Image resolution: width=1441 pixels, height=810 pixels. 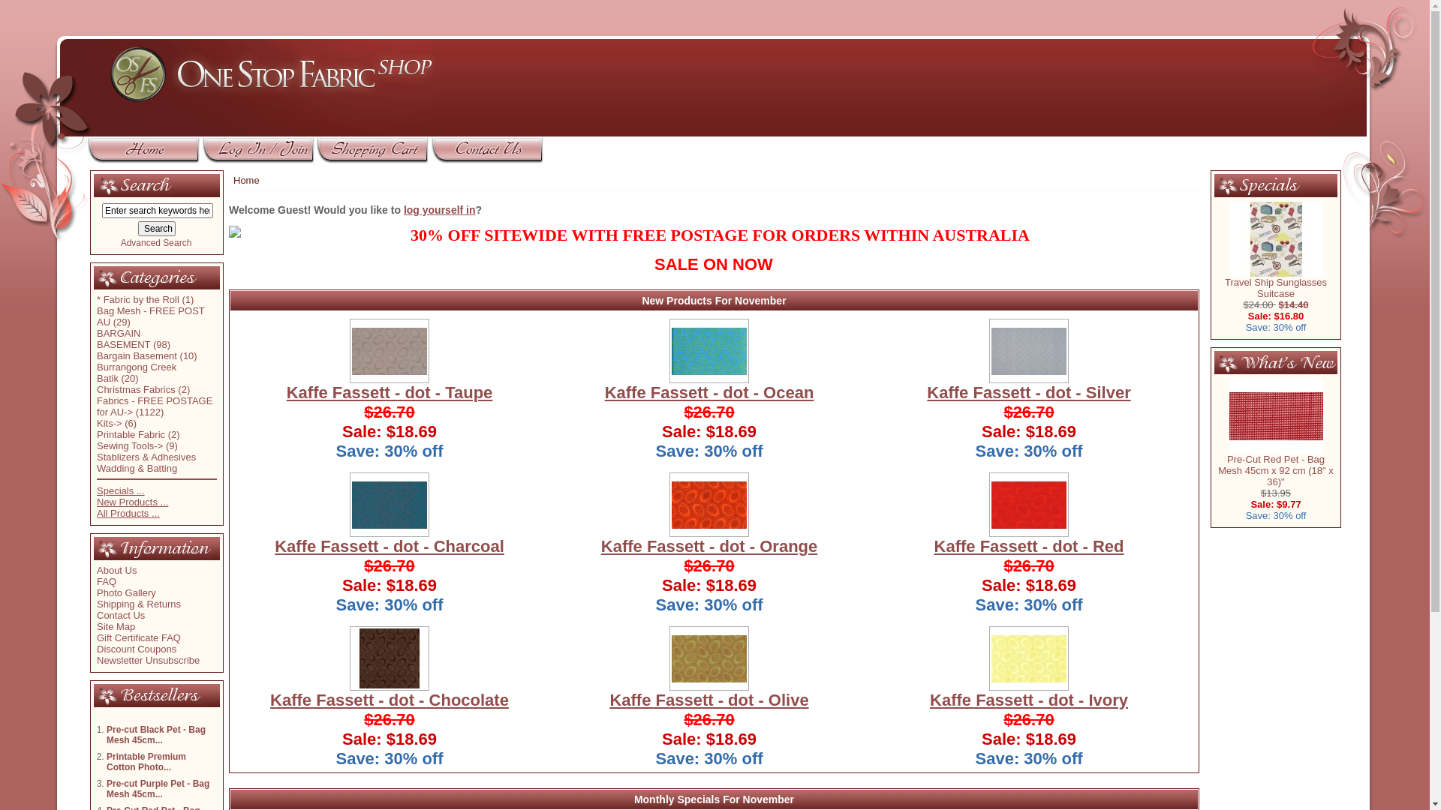 What do you see at coordinates (96, 388) in the screenshot?
I see `'Christmas Fabrics'` at bounding box center [96, 388].